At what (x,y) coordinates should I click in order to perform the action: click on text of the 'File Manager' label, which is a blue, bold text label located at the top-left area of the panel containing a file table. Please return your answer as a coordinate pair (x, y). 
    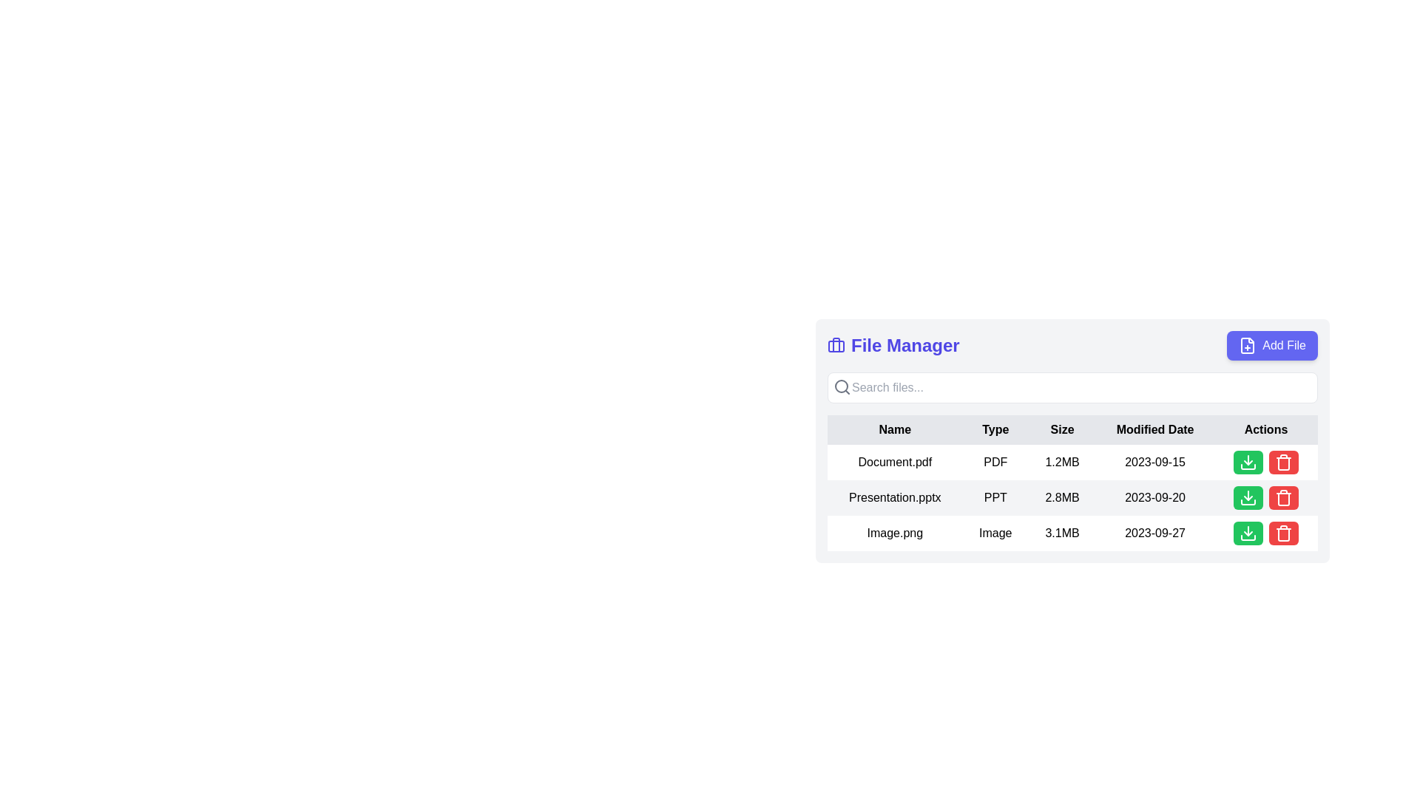
    Looking at the image, I should click on (893, 345).